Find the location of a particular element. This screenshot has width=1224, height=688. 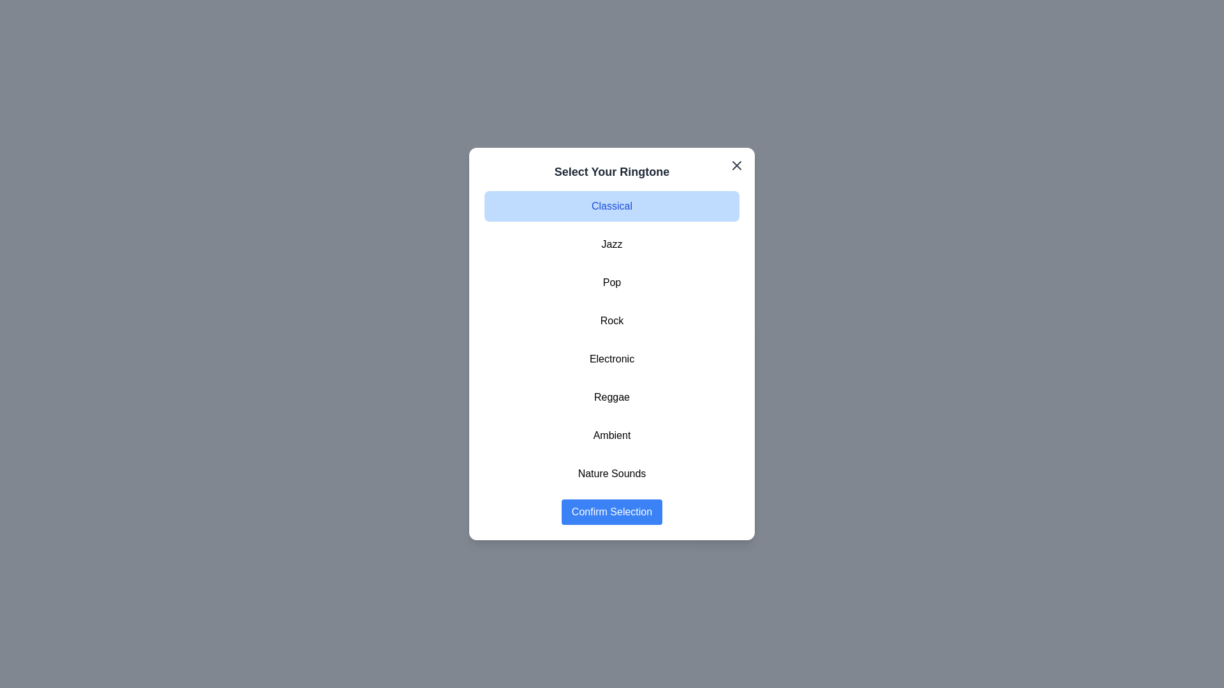

the ringtone Rock from the list is located at coordinates (612, 320).